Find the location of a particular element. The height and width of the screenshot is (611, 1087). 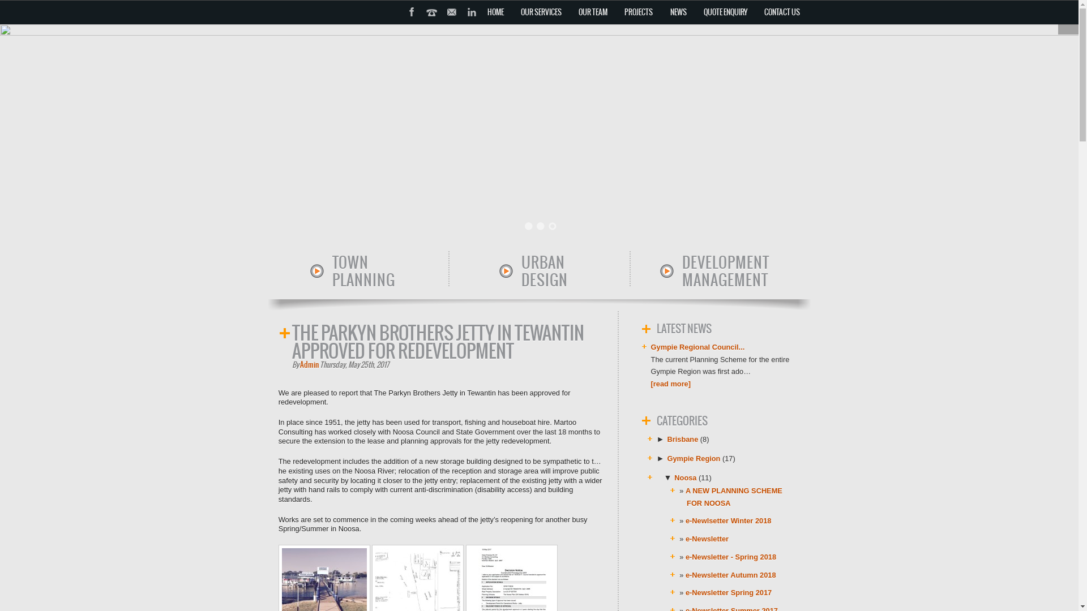

'TOWN is located at coordinates (310, 271).